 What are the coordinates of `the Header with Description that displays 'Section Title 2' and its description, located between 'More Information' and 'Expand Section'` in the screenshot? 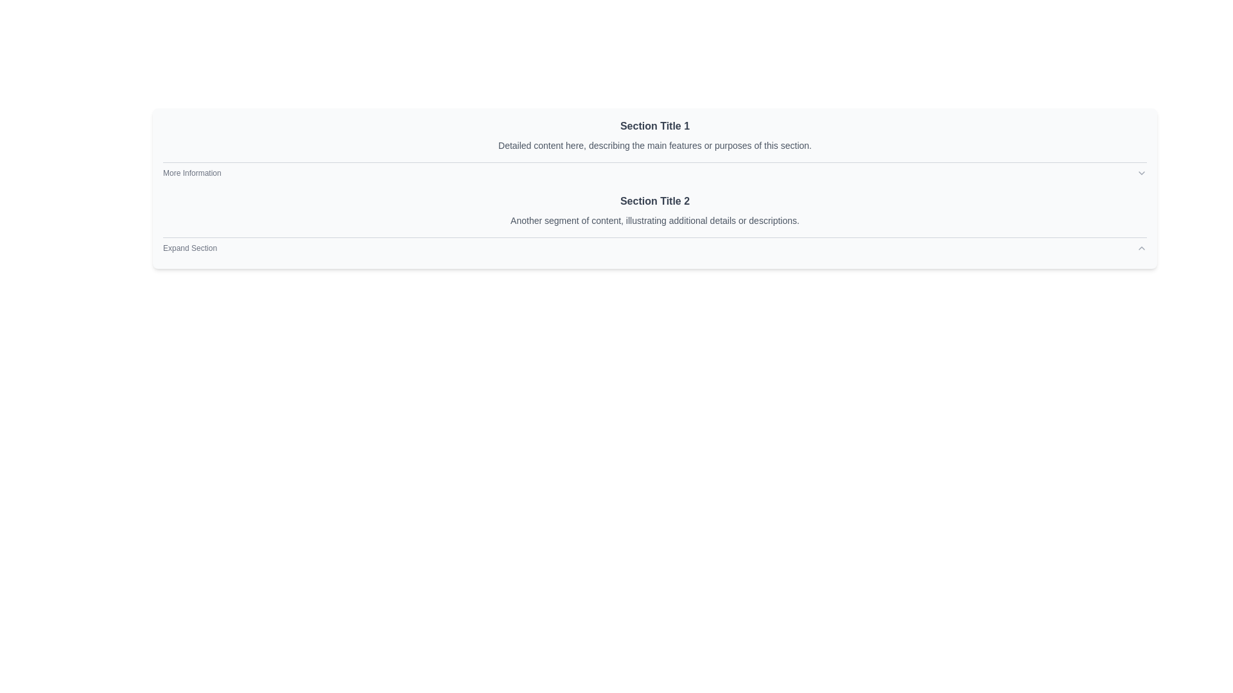 It's located at (654, 209).